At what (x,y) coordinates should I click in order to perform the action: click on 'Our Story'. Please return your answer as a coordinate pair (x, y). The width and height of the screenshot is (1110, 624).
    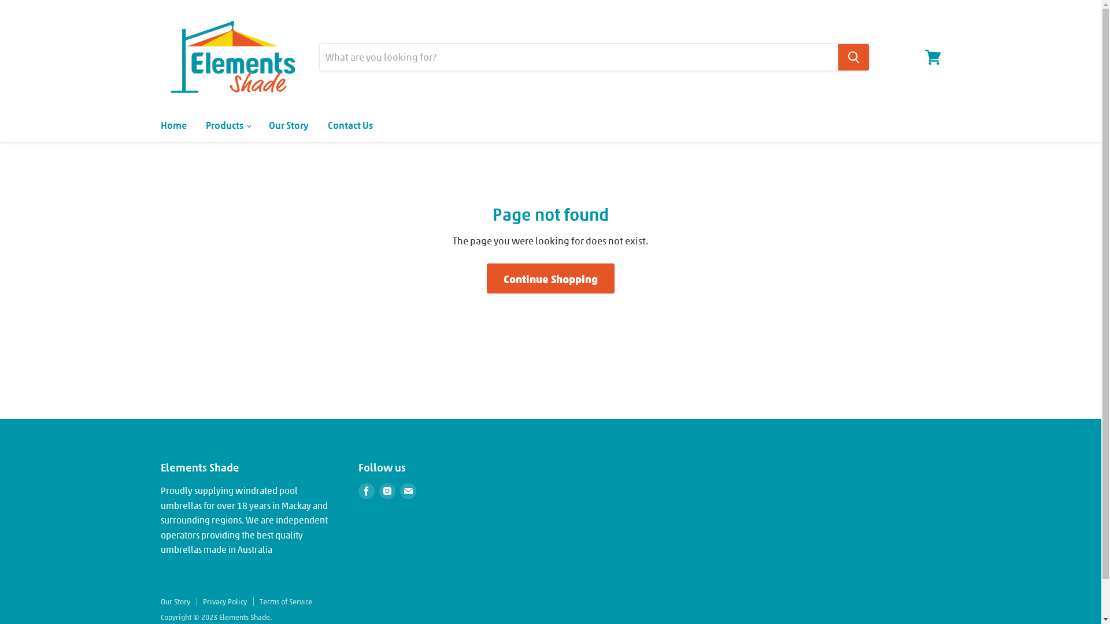
    Looking at the image, I should click on (260, 125).